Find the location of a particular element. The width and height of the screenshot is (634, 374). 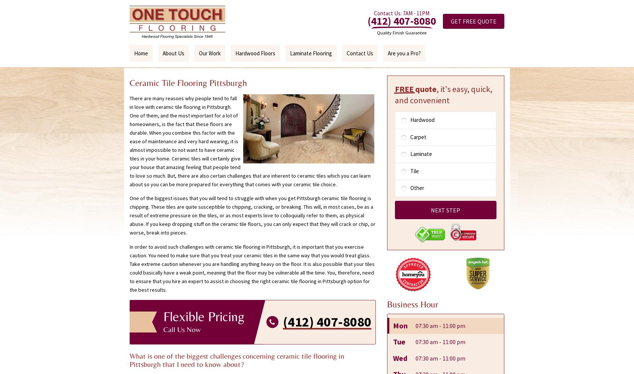

'There are many reasons why people tend to fall in love with ceramic tile flooring in Pittsburgh. One of them, and the most important for a lot of homeowners, is the fact that these floors are durable. When you combine this factor with the ease of maintenance and very hard wearing, it is almost impossible to not want to have ceramic tiles in your home. Ceramic tiles will certainly give your house that amazing feeling that people tend to love so much. But, there are also certain challenges that are inherent to ceramic tiles which you can learn about so you can be more prepared for everything that comes with your ceramic tile choice.' is located at coordinates (250, 141).